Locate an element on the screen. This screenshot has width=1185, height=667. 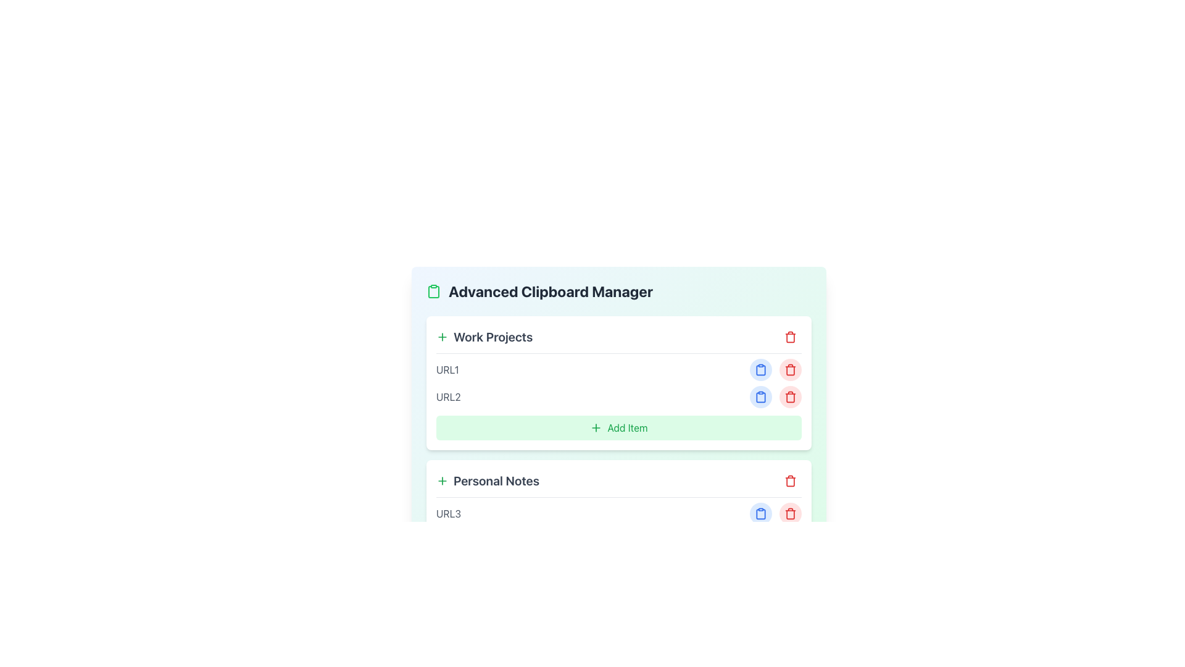
the delete icon button positioned to the right of the listed group is located at coordinates (791, 480).